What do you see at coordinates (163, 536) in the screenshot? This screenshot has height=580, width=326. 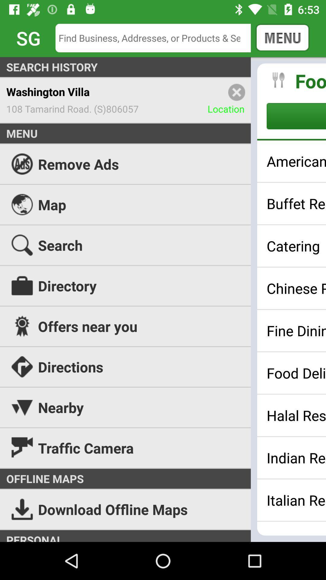 I see `personal icon` at bounding box center [163, 536].